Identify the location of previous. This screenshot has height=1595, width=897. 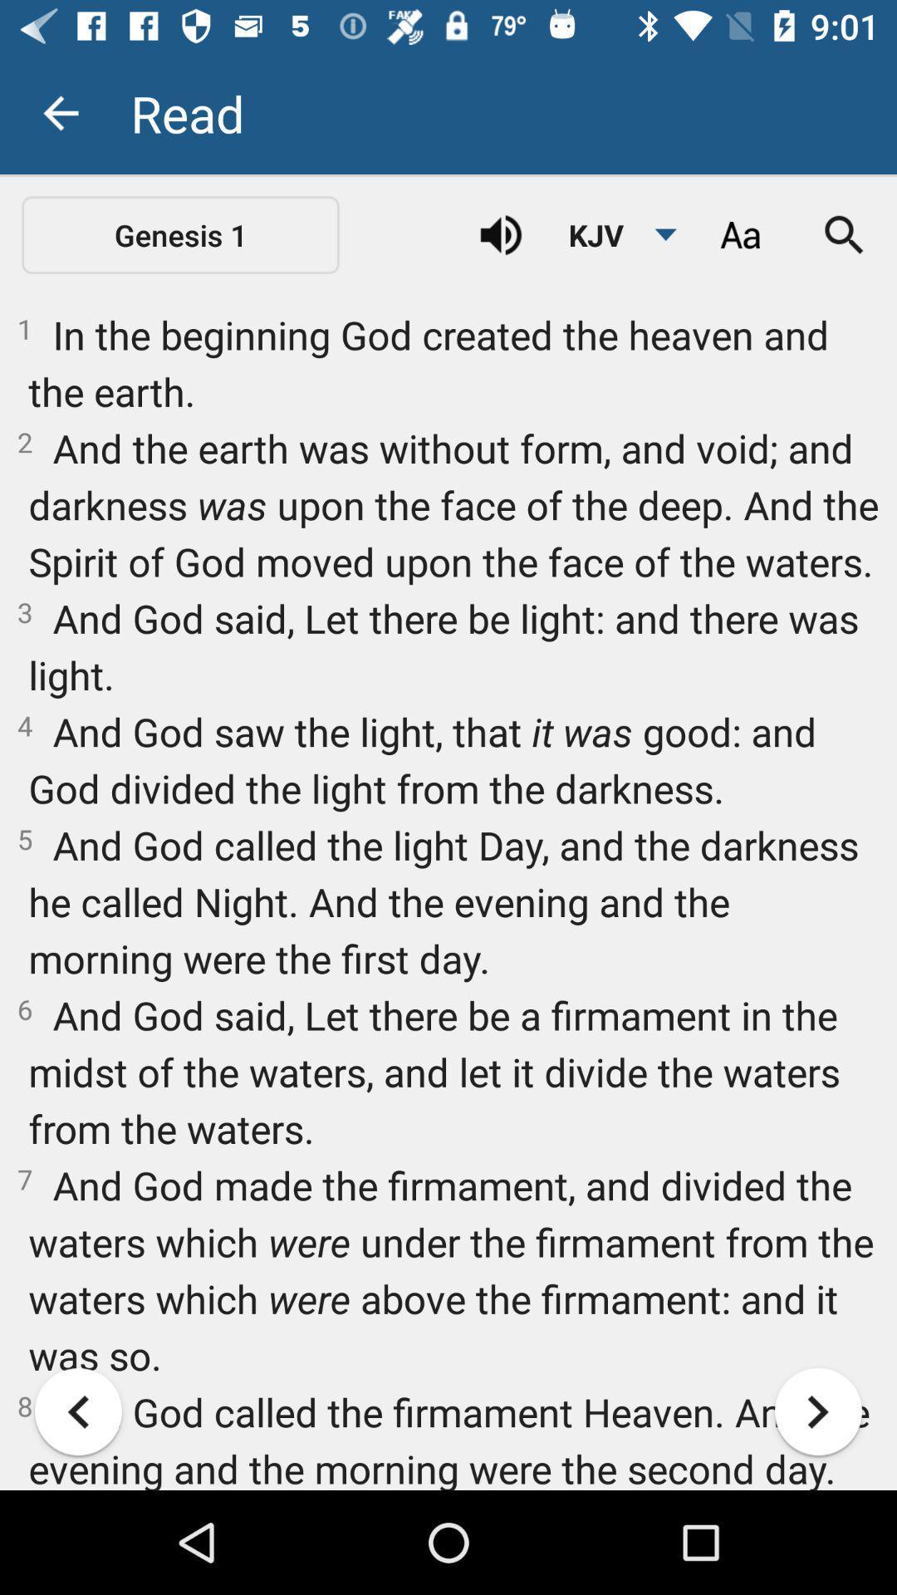
(78, 1411).